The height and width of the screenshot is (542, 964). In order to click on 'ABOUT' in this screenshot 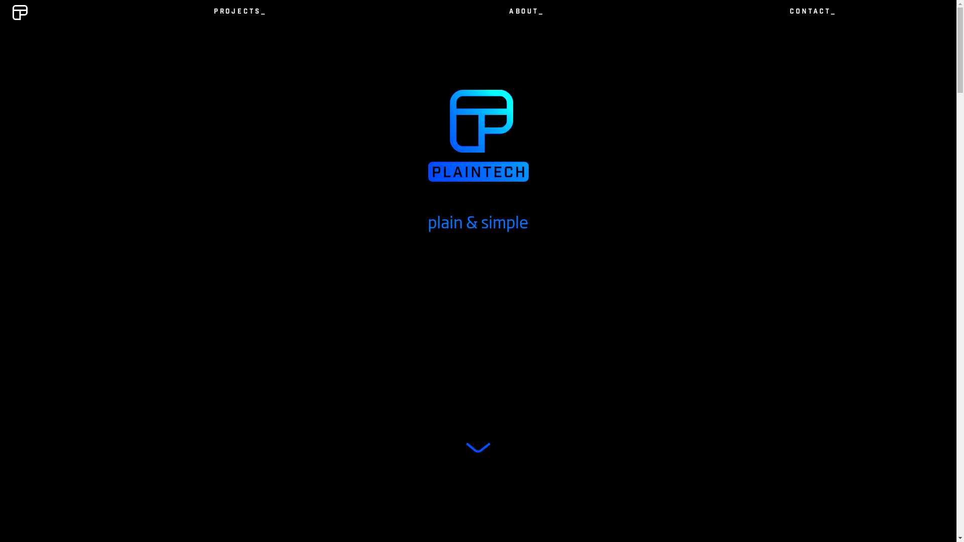, I will do `click(526, 12)`.